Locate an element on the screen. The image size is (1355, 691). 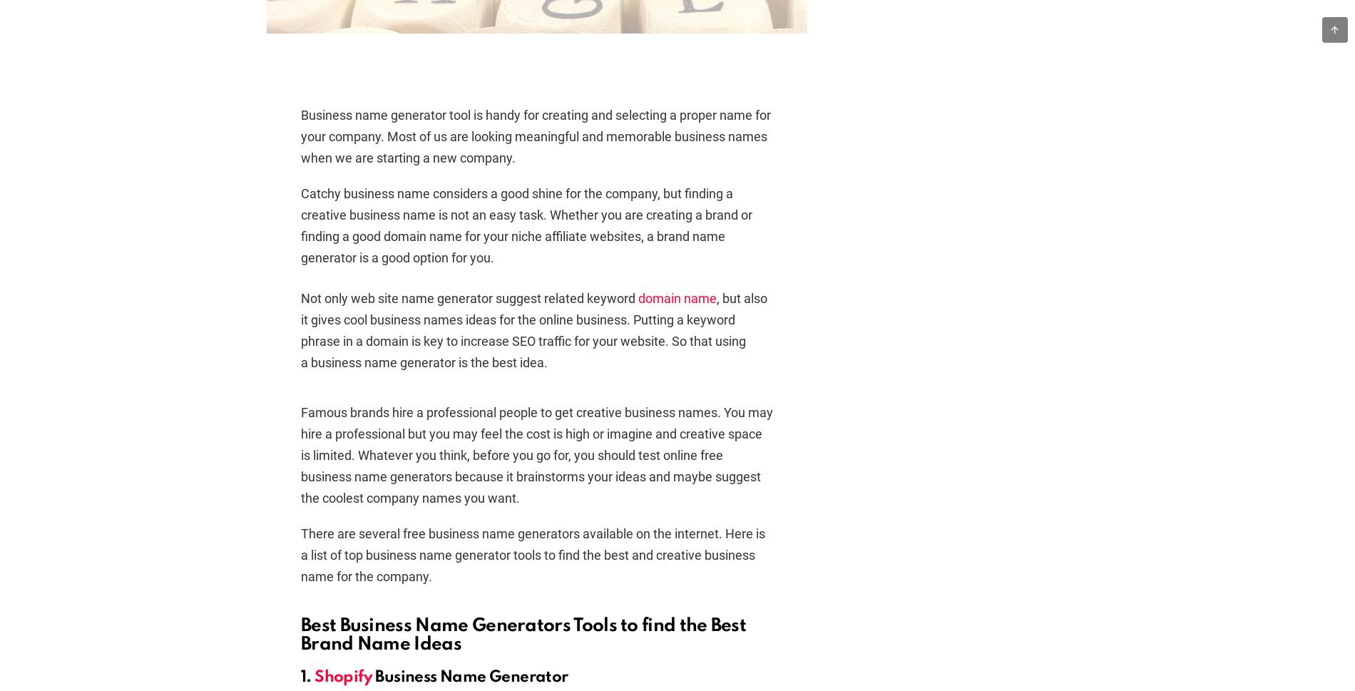
'Not only web site name generator suggest related keyword' is located at coordinates (469, 297).